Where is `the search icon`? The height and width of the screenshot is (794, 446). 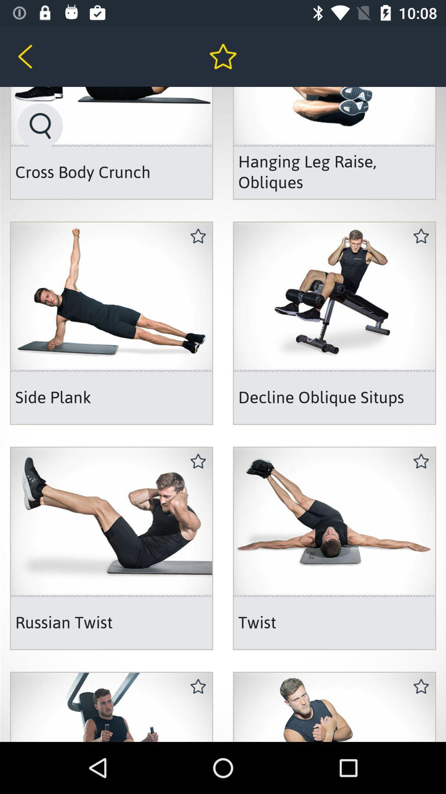
the search icon is located at coordinates (40, 125).